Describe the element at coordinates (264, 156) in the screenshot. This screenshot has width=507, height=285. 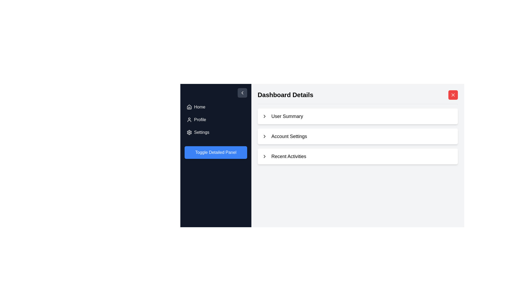
I see `the Chevron/Arrow icon located on the left side of the 'Recent Activities' section, which serves as a clickable area to expand or navigate related content` at that location.